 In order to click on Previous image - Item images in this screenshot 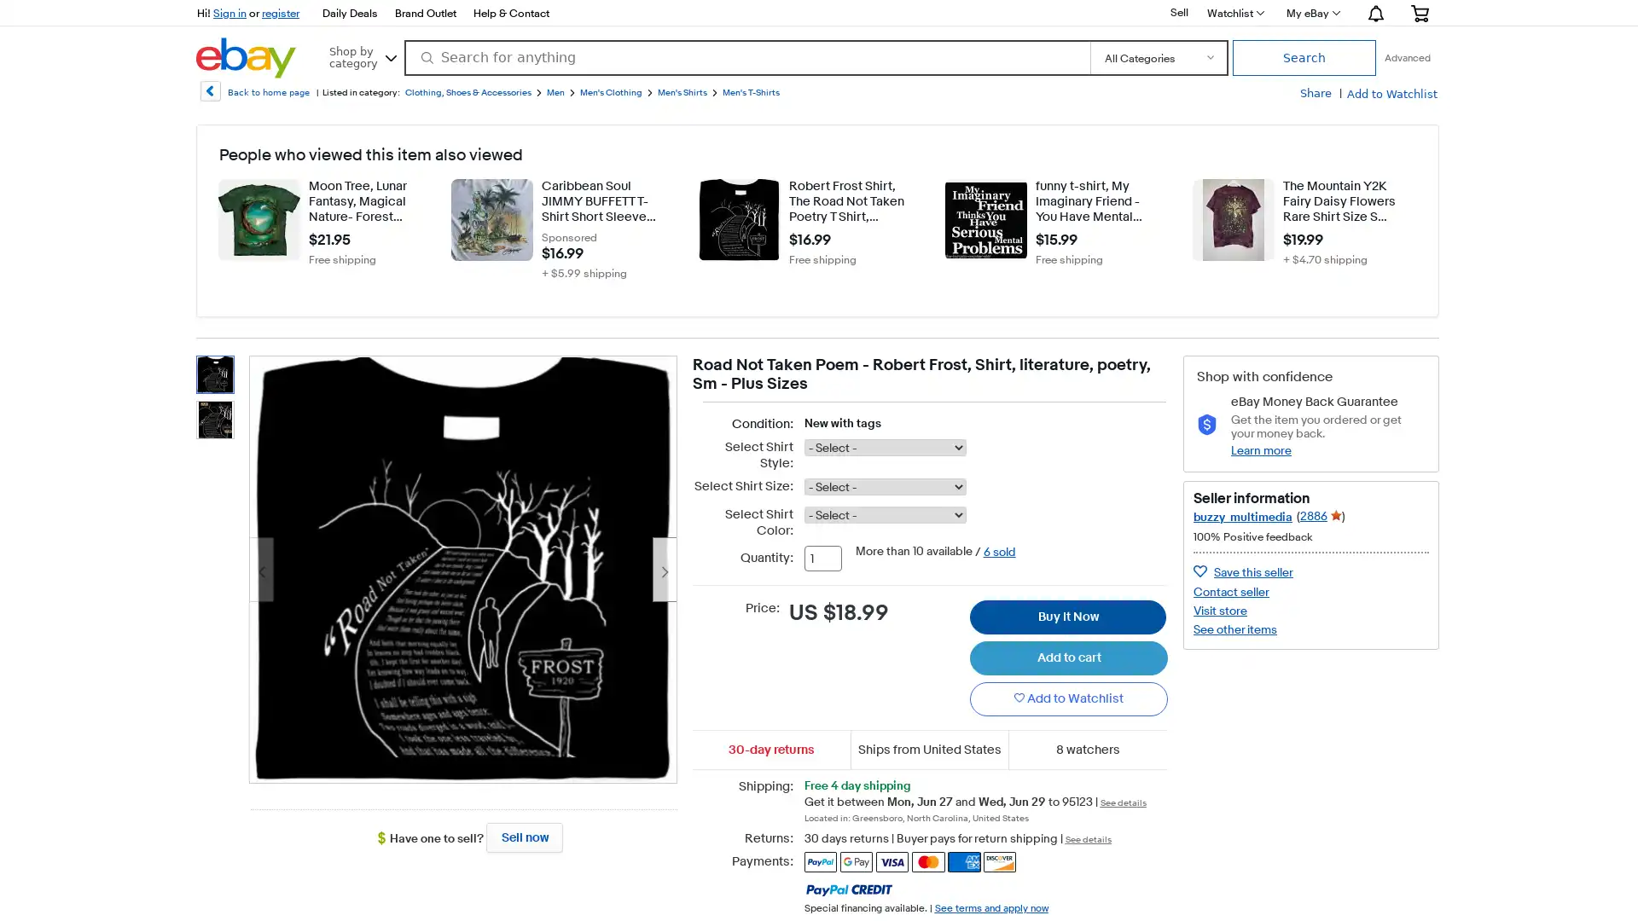, I will do `click(261, 569)`.